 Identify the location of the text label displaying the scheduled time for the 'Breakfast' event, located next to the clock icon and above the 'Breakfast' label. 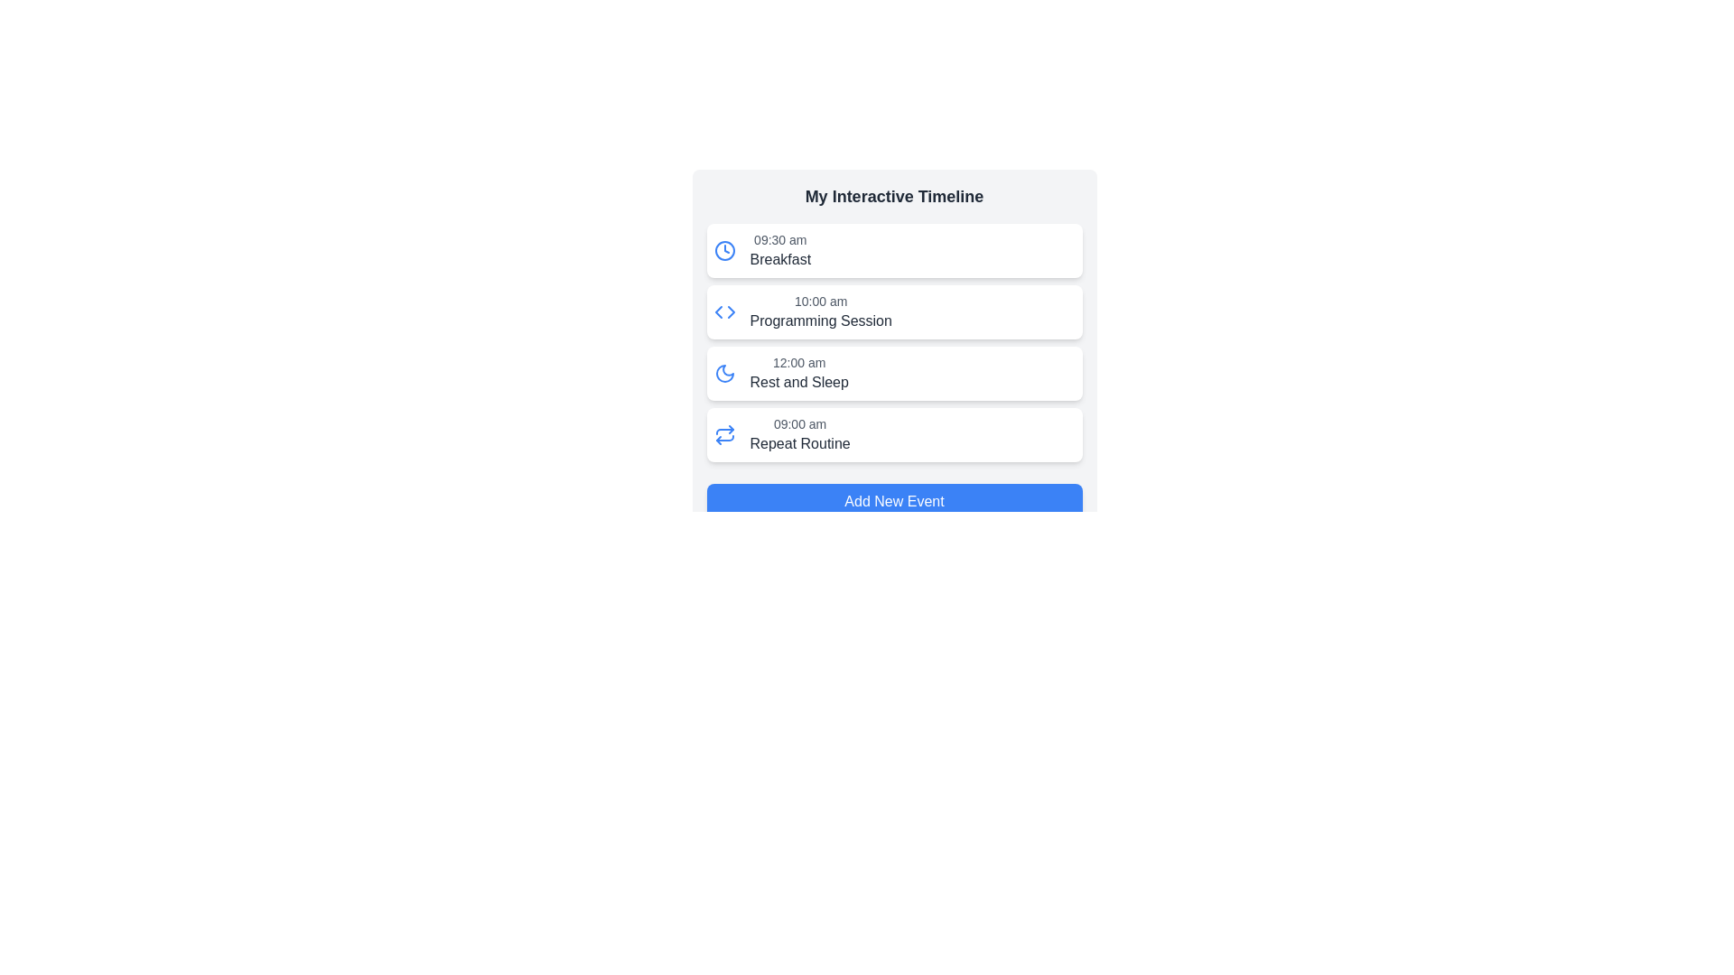
(780, 239).